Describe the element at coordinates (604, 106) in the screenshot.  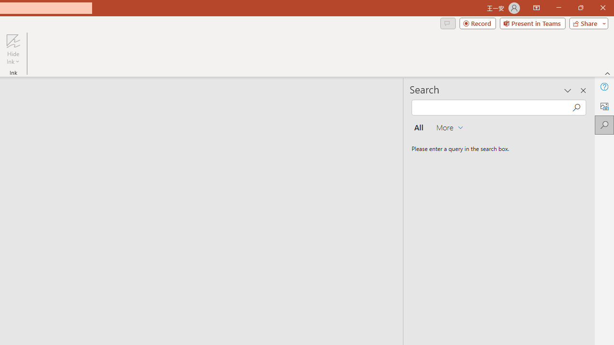
I see `'Alt Text'` at that location.